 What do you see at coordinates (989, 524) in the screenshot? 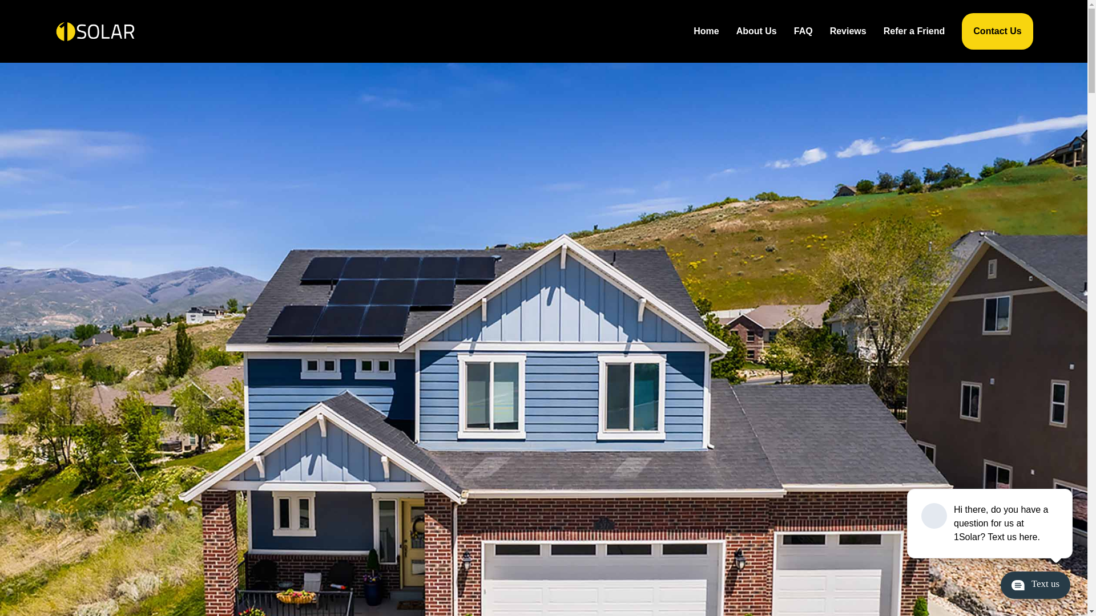
I see `'podium webchat widget prompt'` at bounding box center [989, 524].